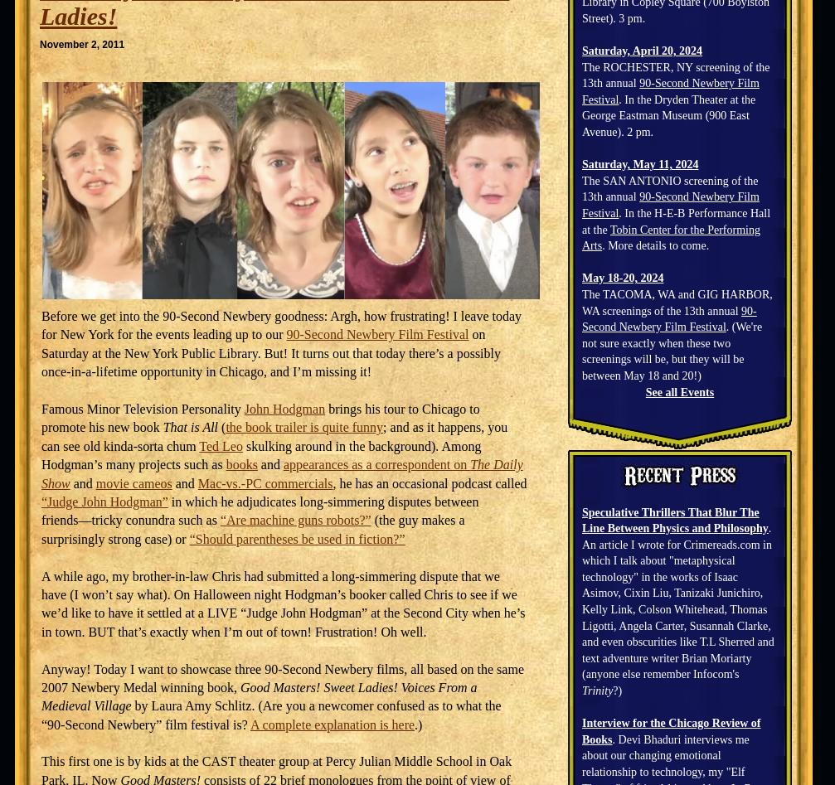 The height and width of the screenshot is (785, 835). What do you see at coordinates (282, 677) in the screenshot?
I see `'Anyway! Today I want to showcase three 90-Second Newbery films, all based on the same 2007 Newbery Medal winning book,'` at bounding box center [282, 677].